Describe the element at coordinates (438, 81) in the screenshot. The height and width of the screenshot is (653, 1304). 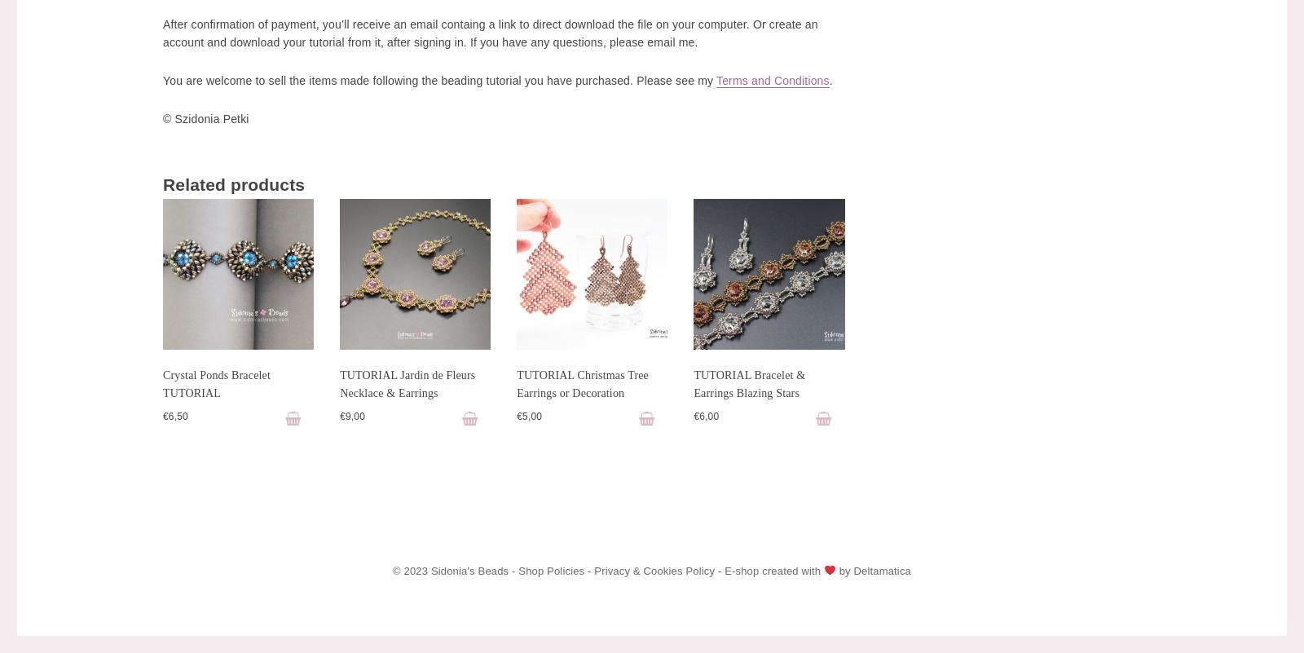
I see `'You are welcome to sell the items made following the beading tutorial you have purchased. Please see my'` at that location.